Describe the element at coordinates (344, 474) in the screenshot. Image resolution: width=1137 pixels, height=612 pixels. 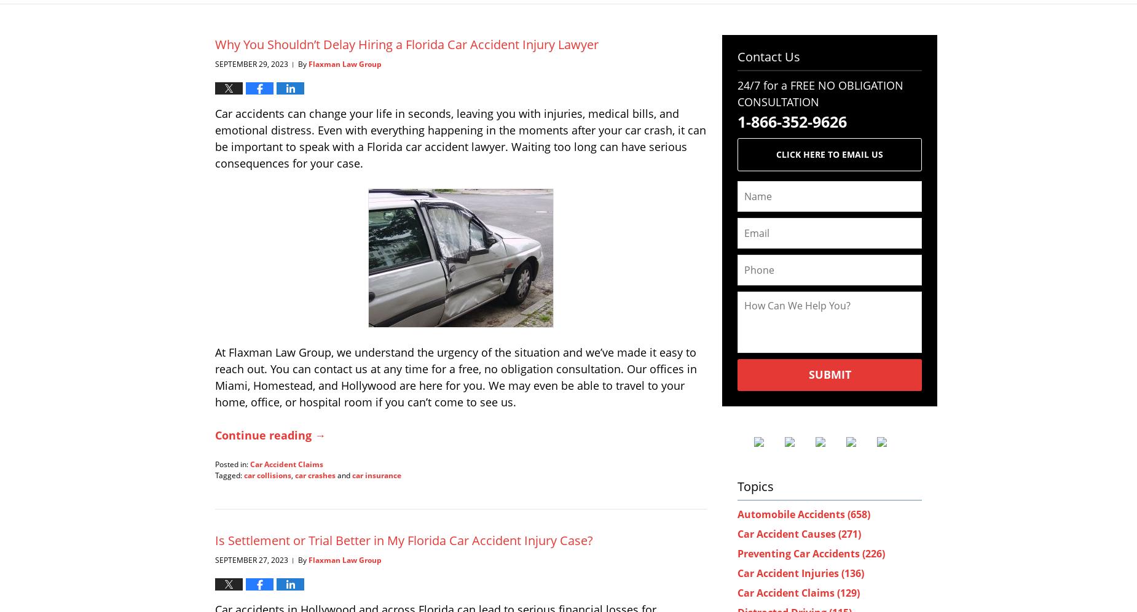
I see `'and'` at that location.